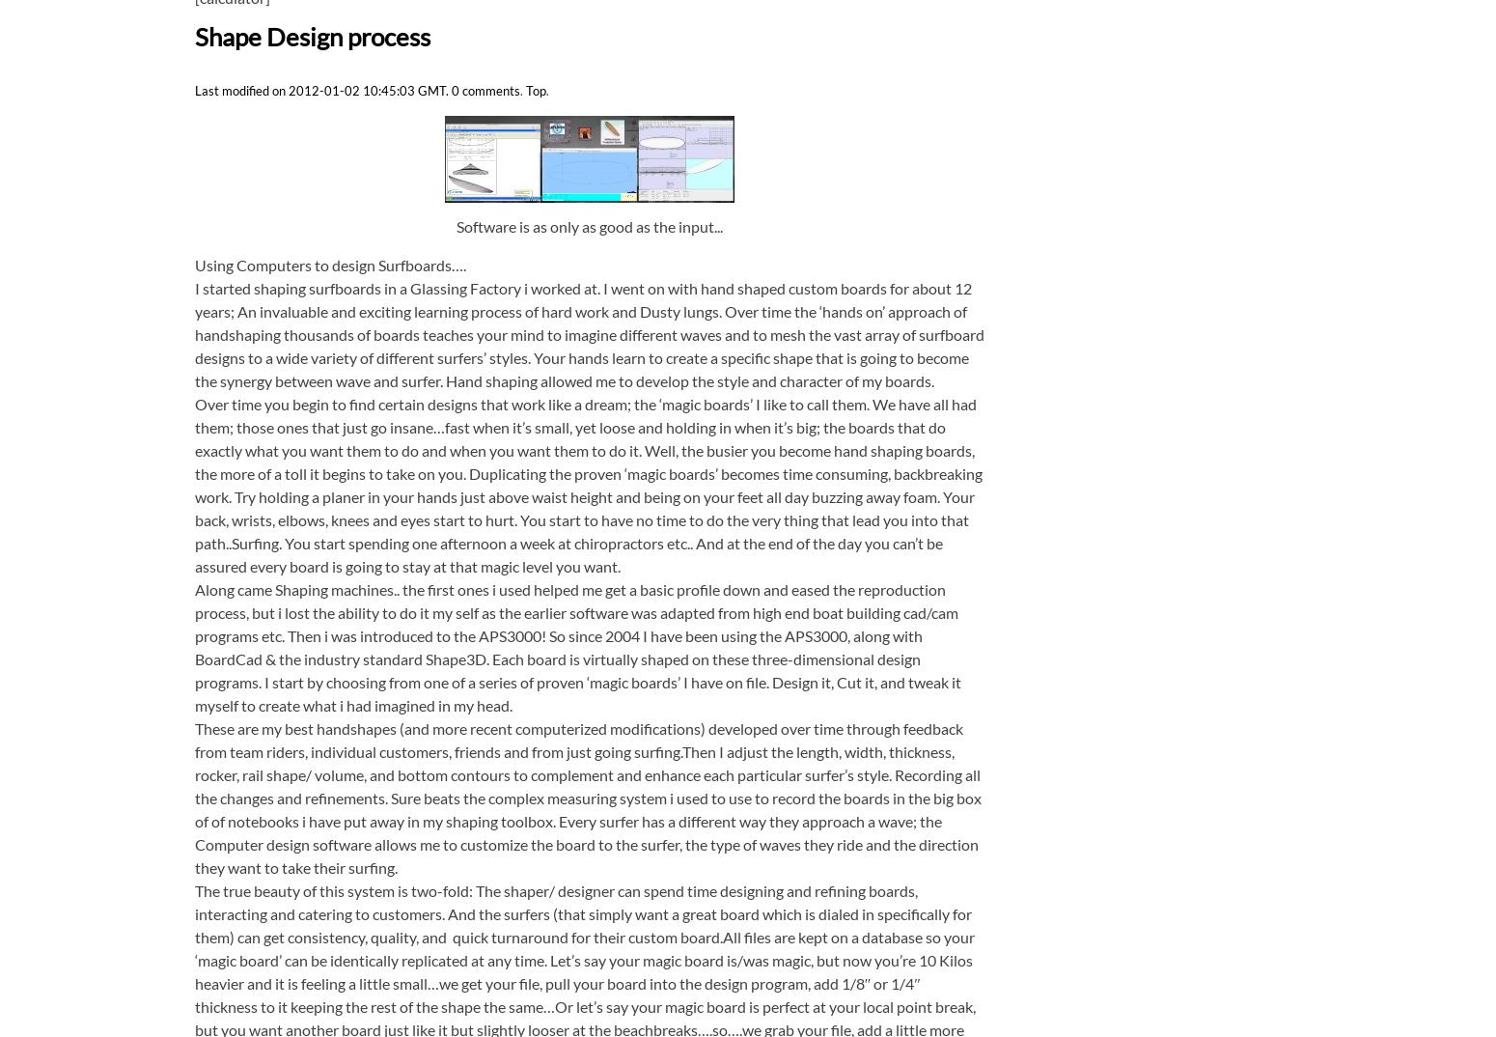  What do you see at coordinates (193, 484) in the screenshot?
I see `'Over time you begin to find certain designs that work like a dream; the ‘magic boards’ I like to call them. We have all had them; those ones that just go insane…fast when it’s small, yet loose and holding in when it’s big; the boards that do exactly what you want them to do and when you want them to do it. Well, the busier you become hand shaping boards, the more of a toll it begins to take on you. Duplicating the proven ‘magic boards’ becomes time consuming, backbreaking work. Try holding a planer in your hands just above waist height and being on your feet all day buzzing away foam. Your back, wrists, elbows, knees and eyes start to hurt. You start to have no time to do the very thing that lead you into that path..Surfing. You start spending one afternoon a week at chiropractors etc.. And at the end of the day you can’t be assured every board is going to stay at that magic level you want.'` at bounding box center [193, 484].